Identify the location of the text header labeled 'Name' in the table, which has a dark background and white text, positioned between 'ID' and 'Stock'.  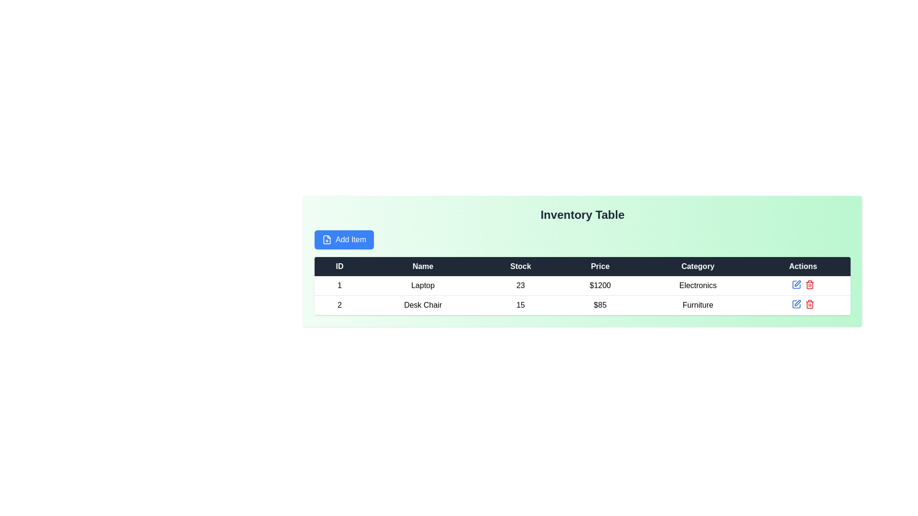
(422, 267).